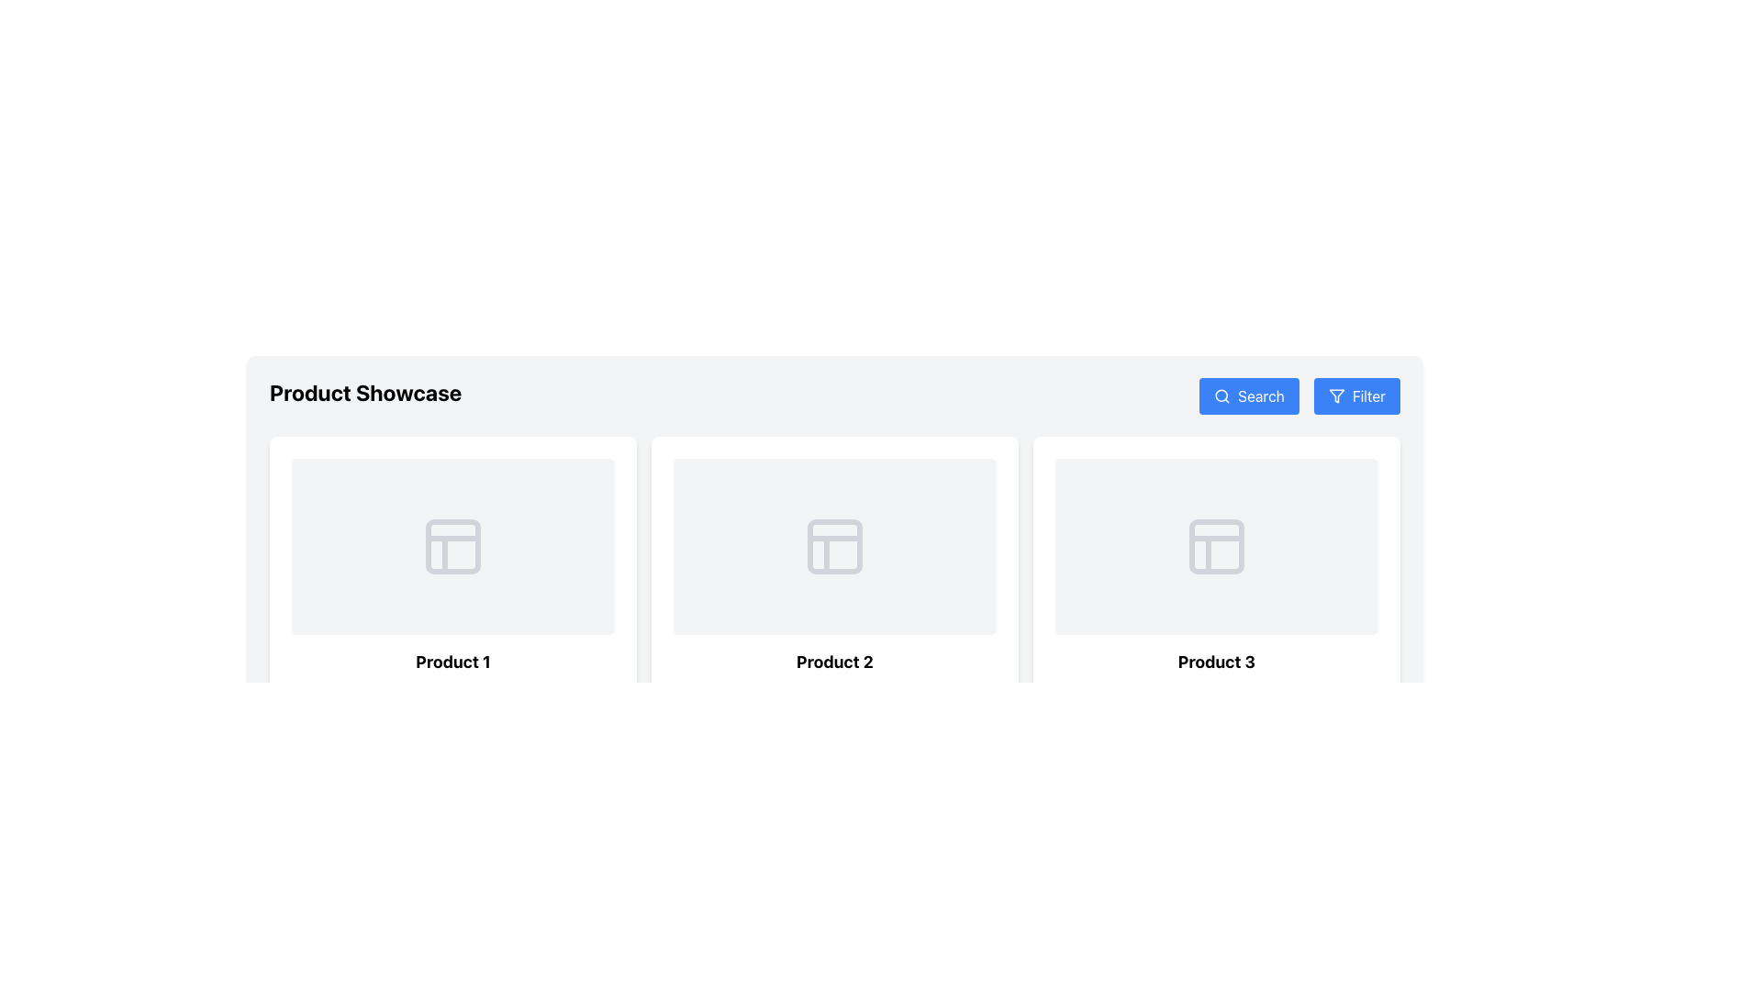 The image size is (1762, 991). What do you see at coordinates (1356, 395) in the screenshot?
I see `the 'Filter' button` at bounding box center [1356, 395].